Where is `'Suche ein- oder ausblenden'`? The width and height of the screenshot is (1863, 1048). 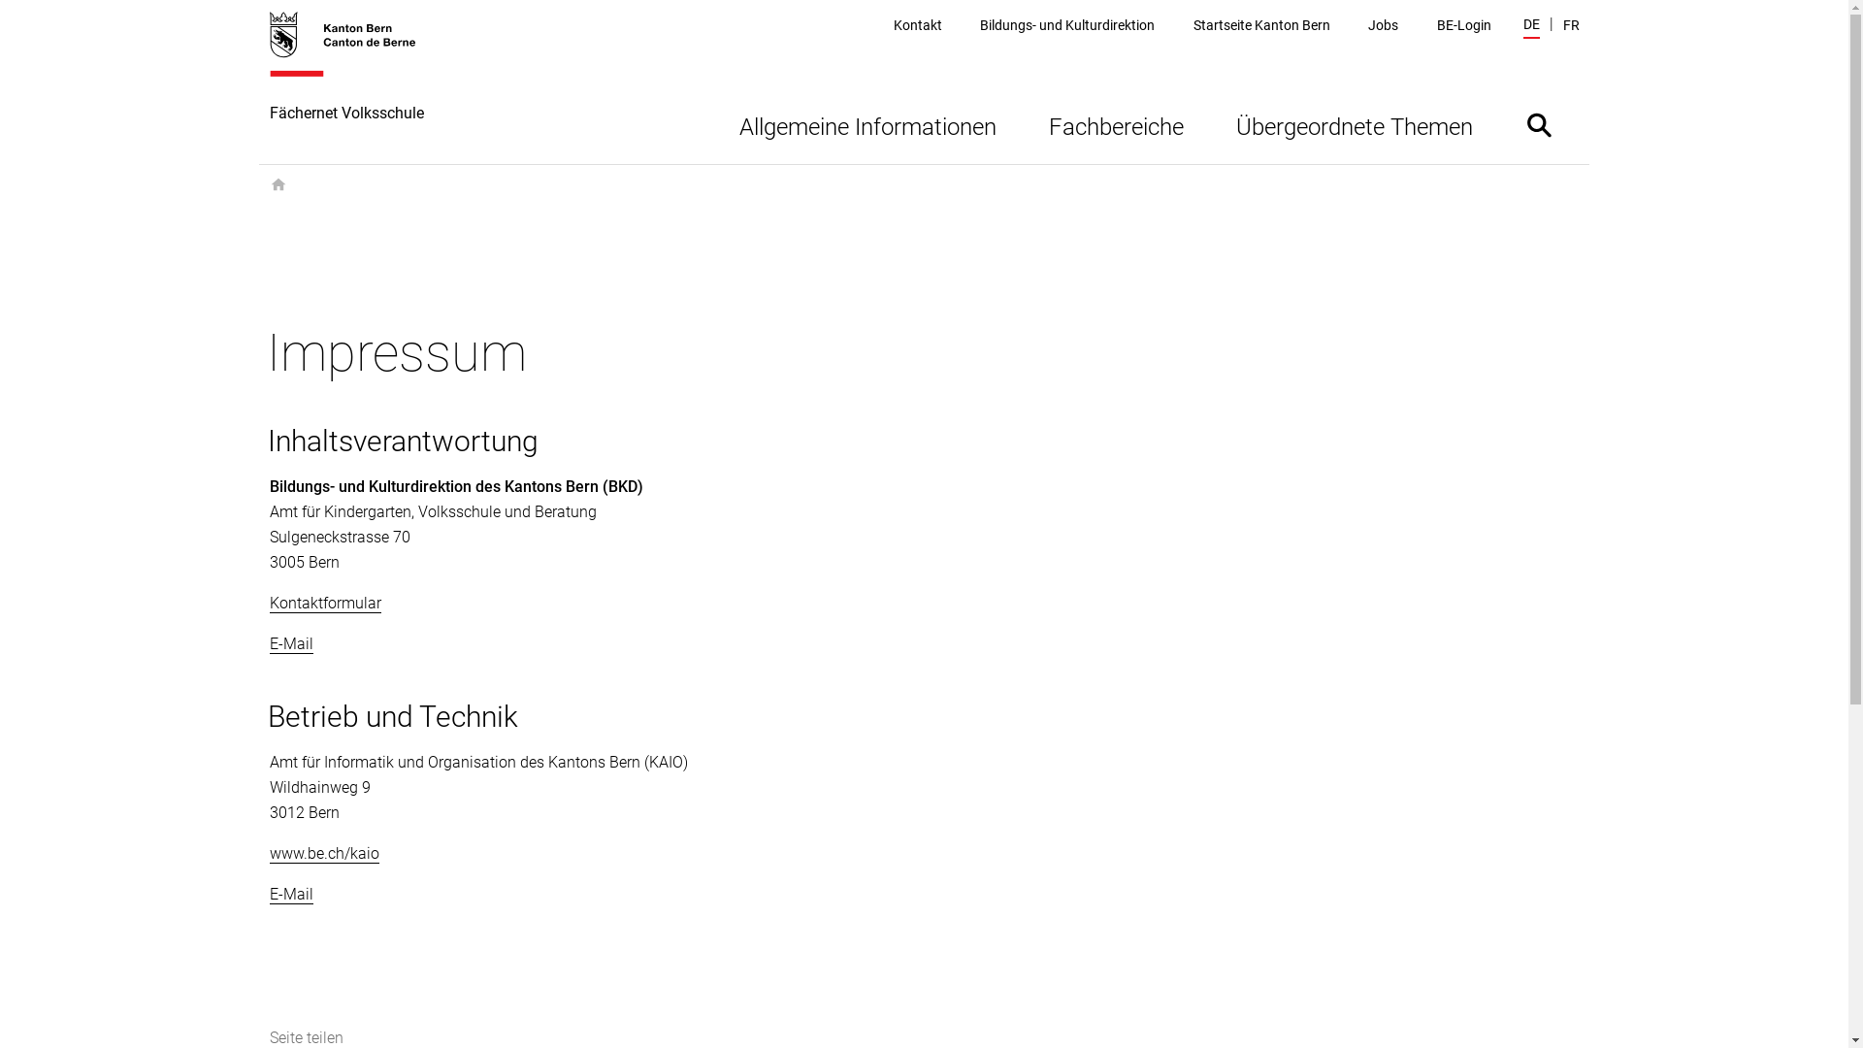
'Suche ein- oder ausblenden' is located at coordinates (1537, 124).